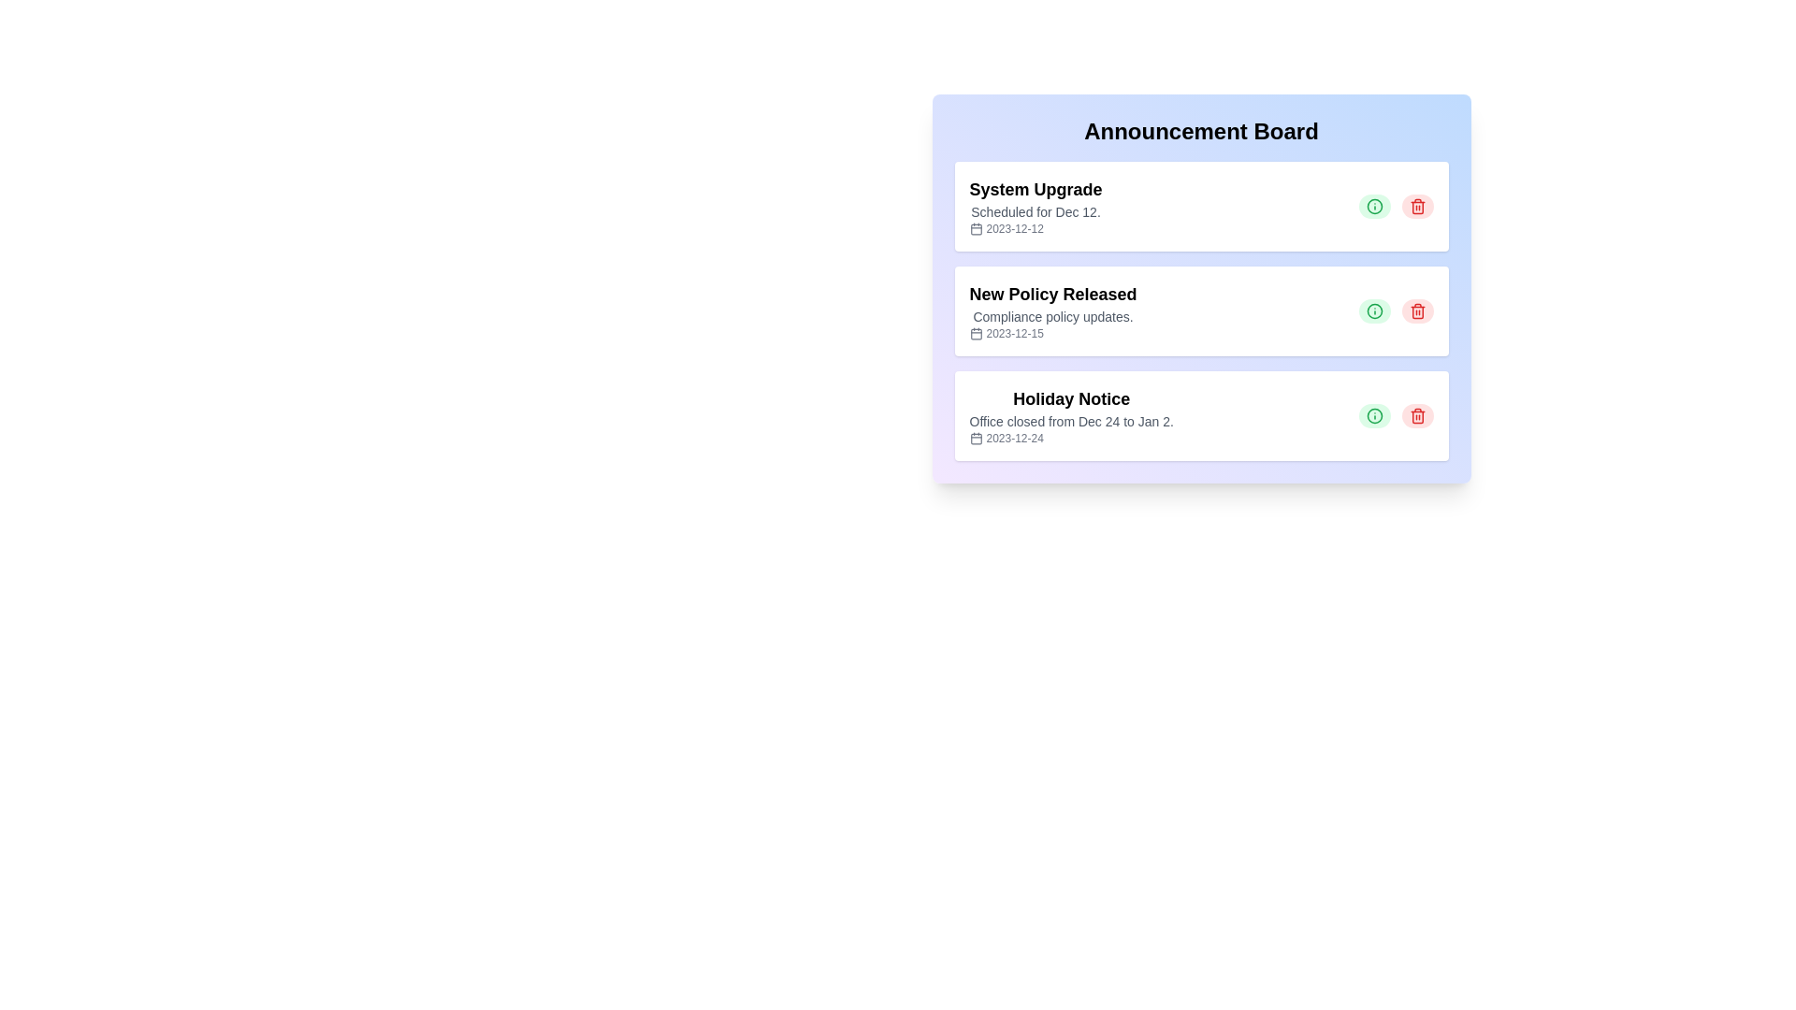 The height and width of the screenshot is (1010, 1796). Describe the element at coordinates (1374, 414) in the screenshot. I see `the detail button for the announcement titled 'Holiday Notice'` at that location.